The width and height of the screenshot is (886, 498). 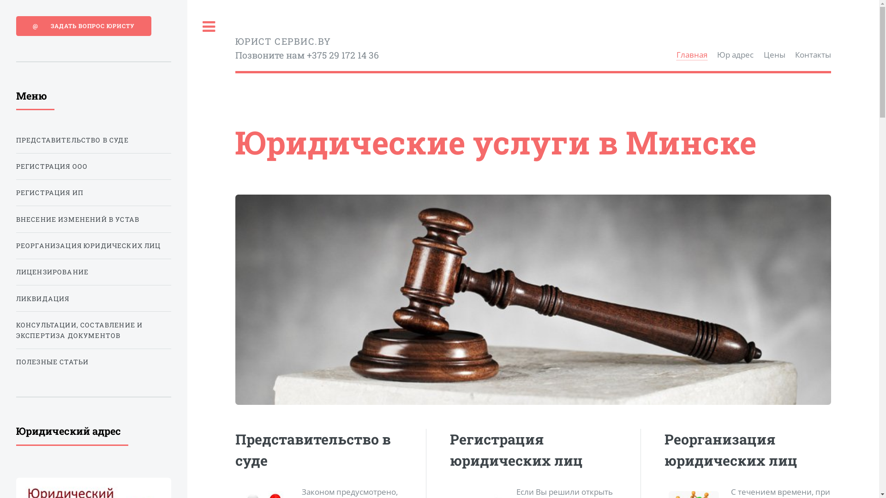 I want to click on 'Toggle', so click(x=208, y=26).